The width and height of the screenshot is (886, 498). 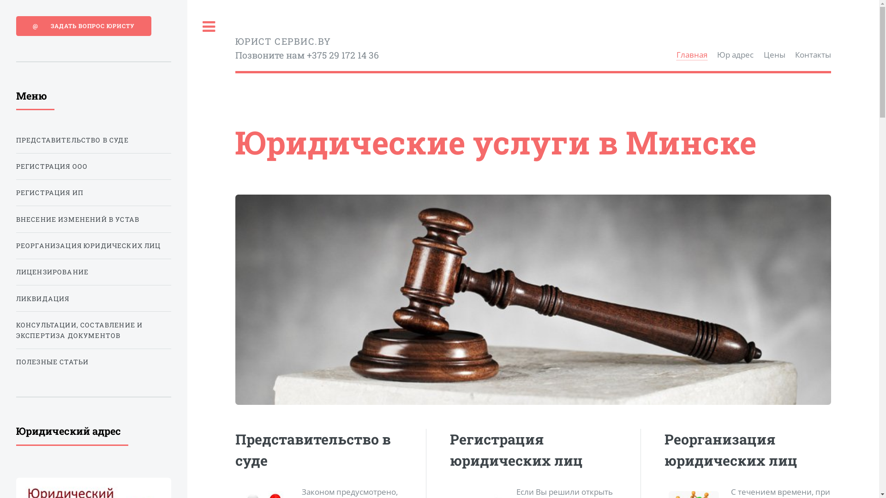 I want to click on 'Toggle', so click(x=208, y=26).